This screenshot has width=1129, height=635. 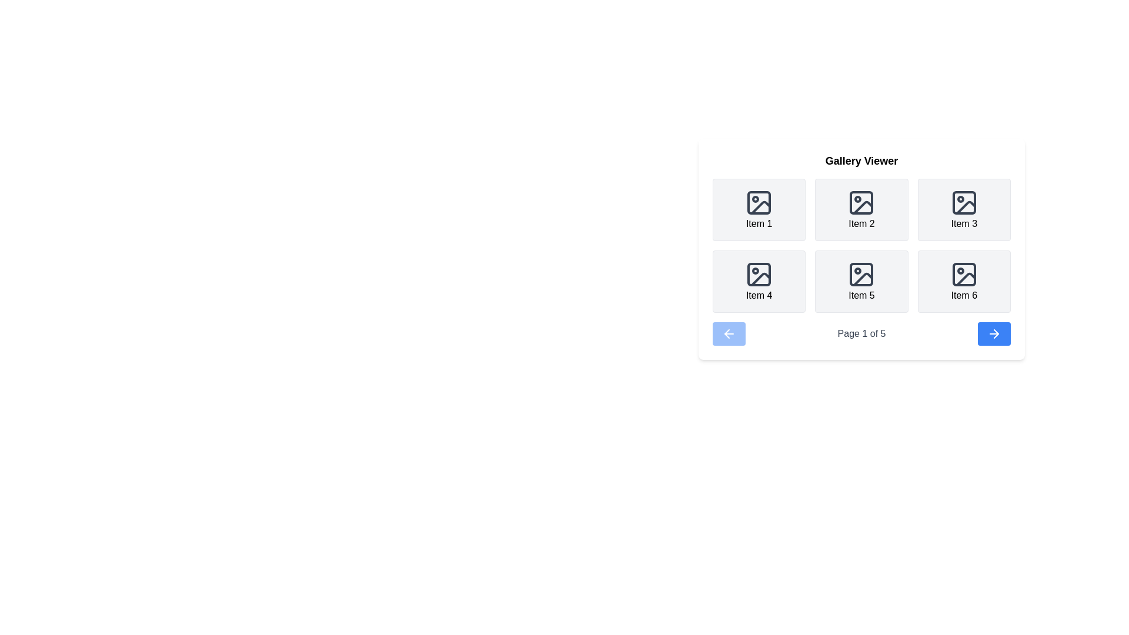 I want to click on the 'Item 6' card, which features a placeholder icon and is positioned, so click(x=964, y=281).